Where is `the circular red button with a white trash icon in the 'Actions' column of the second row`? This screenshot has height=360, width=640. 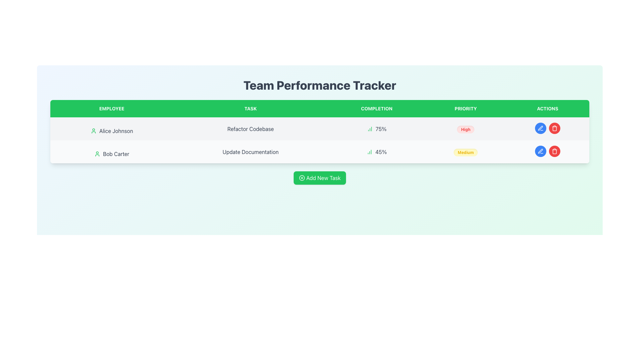 the circular red button with a white trash icon in the 'Actions' column of the second row is located at coordinates (554, 151).